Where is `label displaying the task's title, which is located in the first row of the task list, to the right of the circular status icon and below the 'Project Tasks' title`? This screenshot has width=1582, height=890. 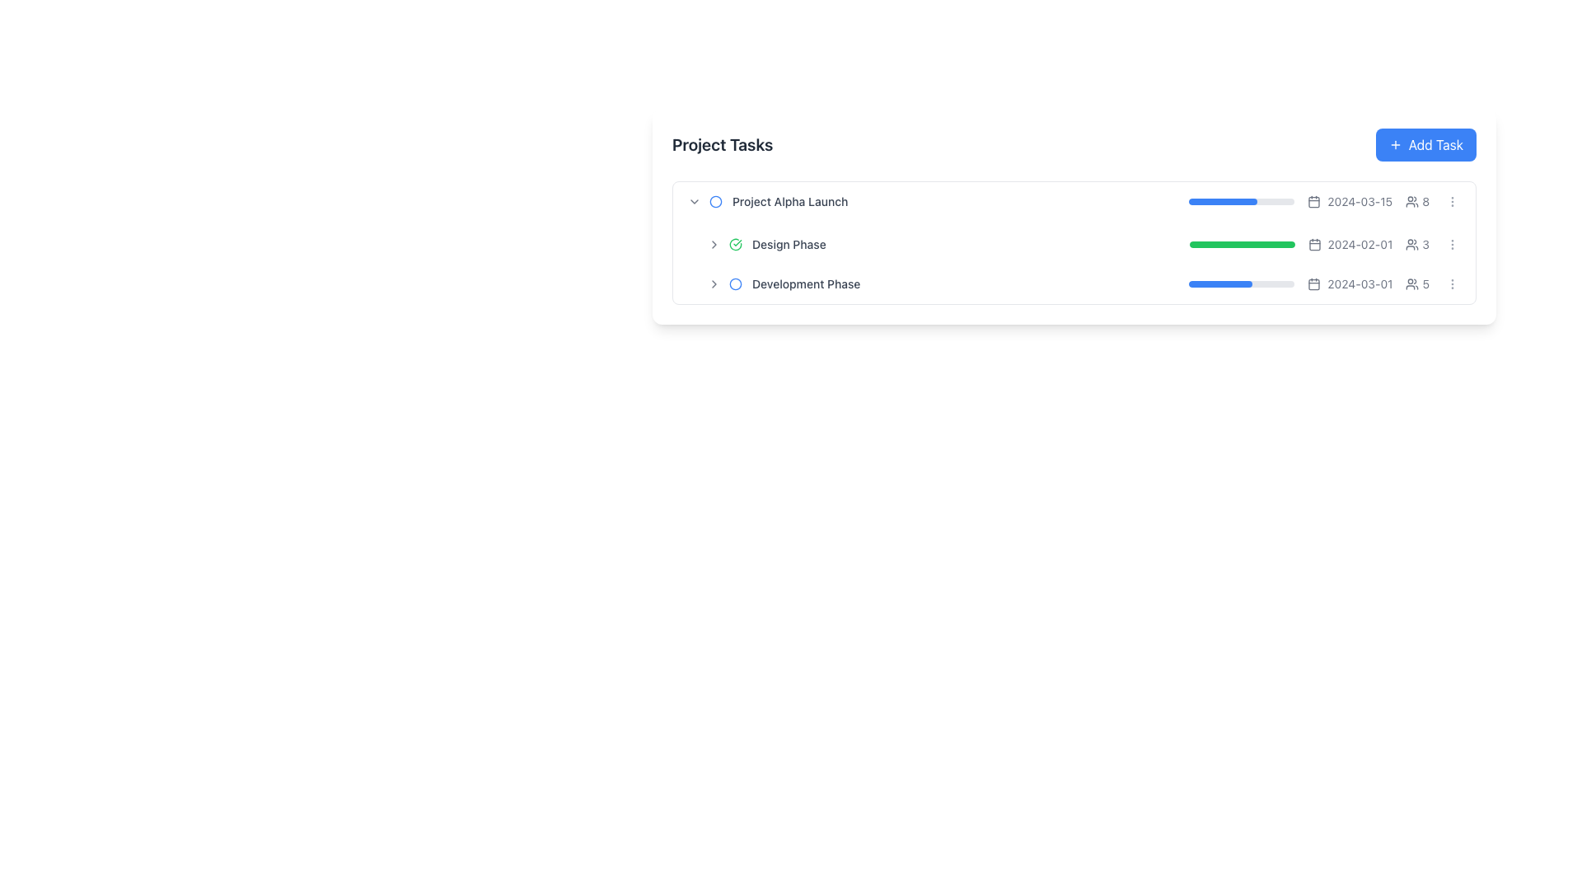
label displaying the task's title, which is located in the first row of the task list, to the right of the circular status icon and below the 'Project Tasks' title is located at coordinates (789, 201).